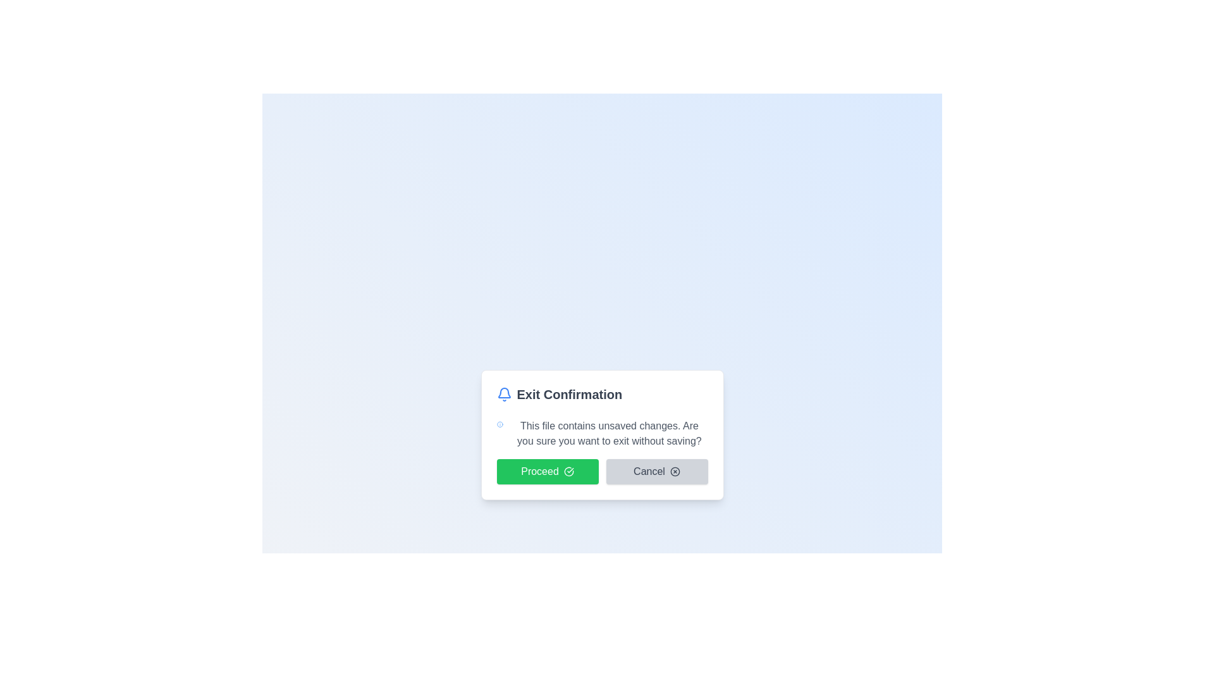  What do you see at coordinates (601, 471) in the screenshot?
I see `the 'Proceed' button, which is styled with a green background and contains a checkmark icon, to confirm the action` at bounding box center [601, 471].